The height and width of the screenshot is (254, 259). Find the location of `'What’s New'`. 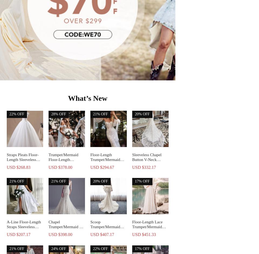

'What’s New' is located at coordinates (68, 98).